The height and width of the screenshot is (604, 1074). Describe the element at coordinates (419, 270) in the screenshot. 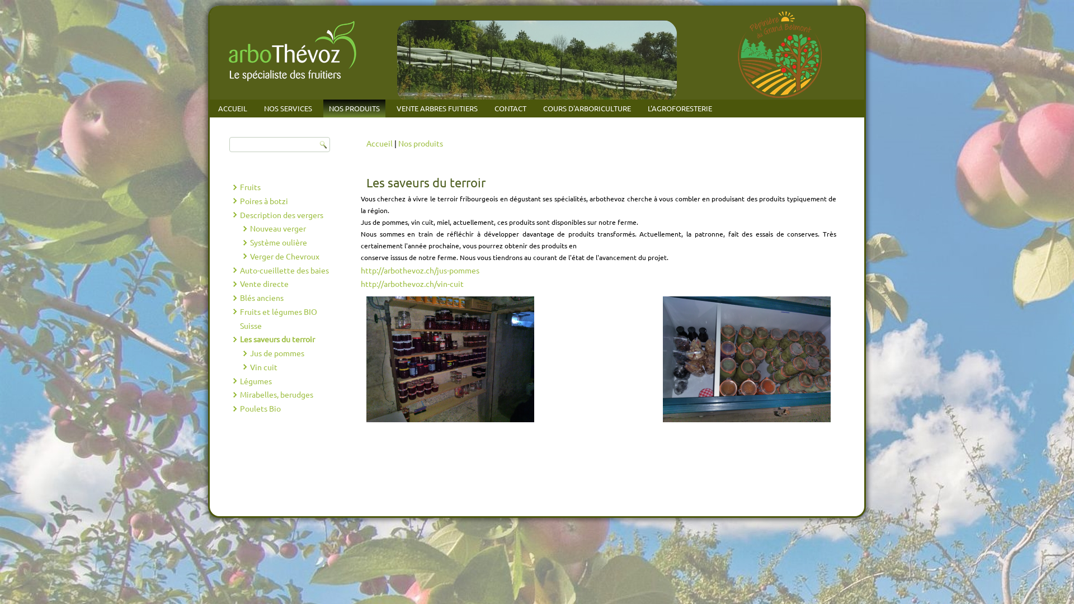

I see `'http://arbothevoz.ch/jus-pommes'` at that location.